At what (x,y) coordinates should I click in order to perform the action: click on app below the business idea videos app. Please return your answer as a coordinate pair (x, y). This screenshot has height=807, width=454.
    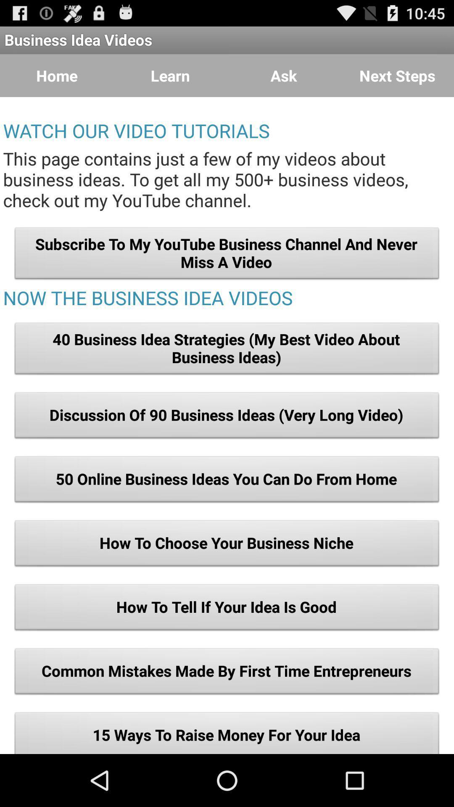
    Looking at the image, I should click on (397, 76).